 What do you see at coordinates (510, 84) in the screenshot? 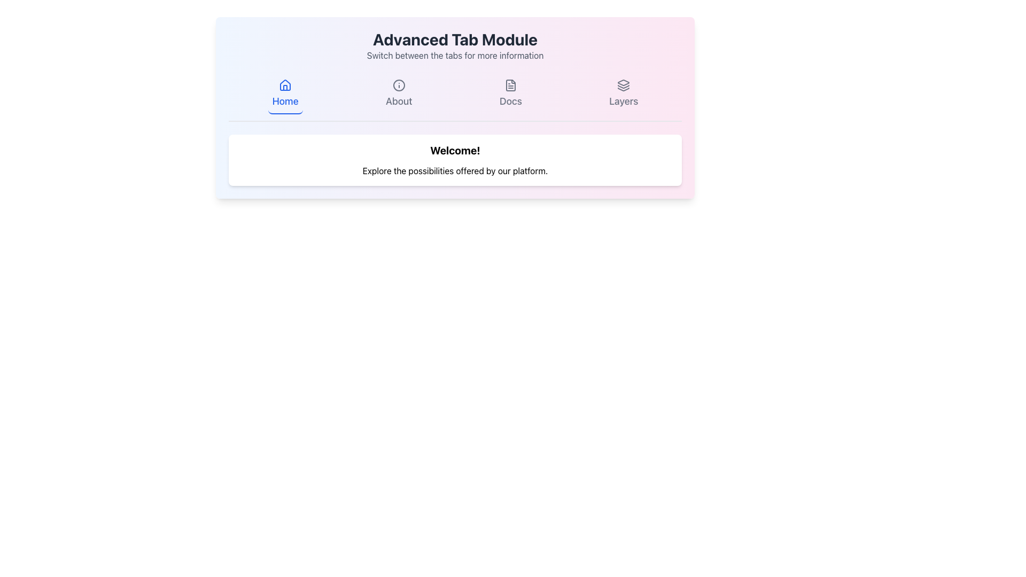
I see `the document icon located in the 'Docs' button at the center-top of the interface` at bounding box center [510, 84].